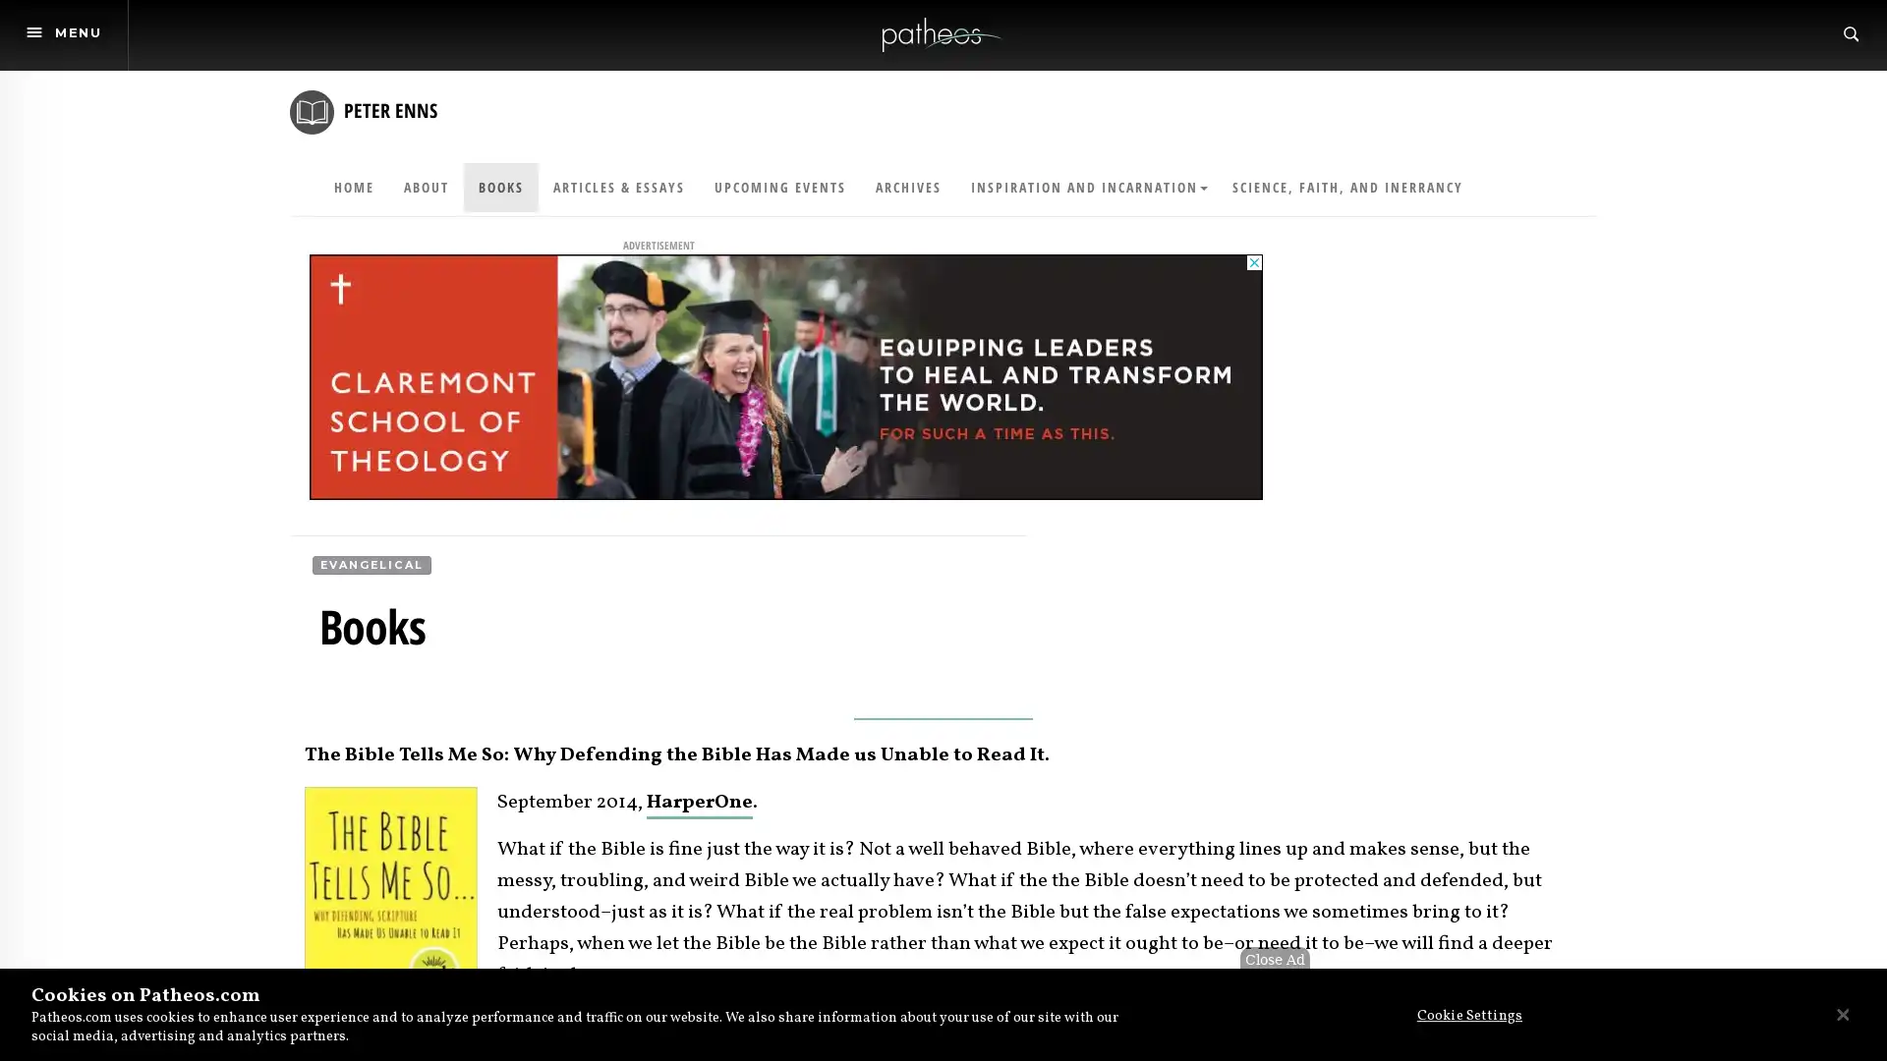  What do you see at coordinates (1463, 1016) in the screenshot?
I see `Cookie Settings` at bounding box center [1463, 1016].